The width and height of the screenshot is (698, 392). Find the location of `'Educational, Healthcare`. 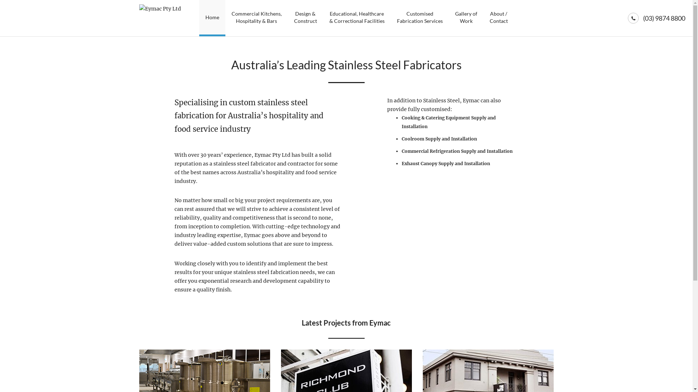

'Educational, Healthcare is located at coordinates (356, 18).